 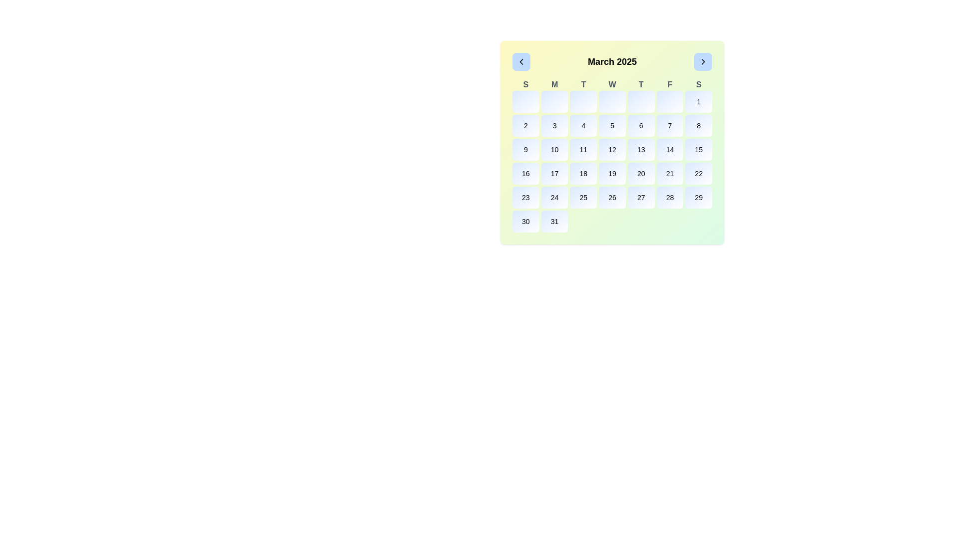 I want to click on the clickable calendar day box representing the first day of the month, which is the seventh item in the first row of the calendar layout, so click(x=698, y=102).